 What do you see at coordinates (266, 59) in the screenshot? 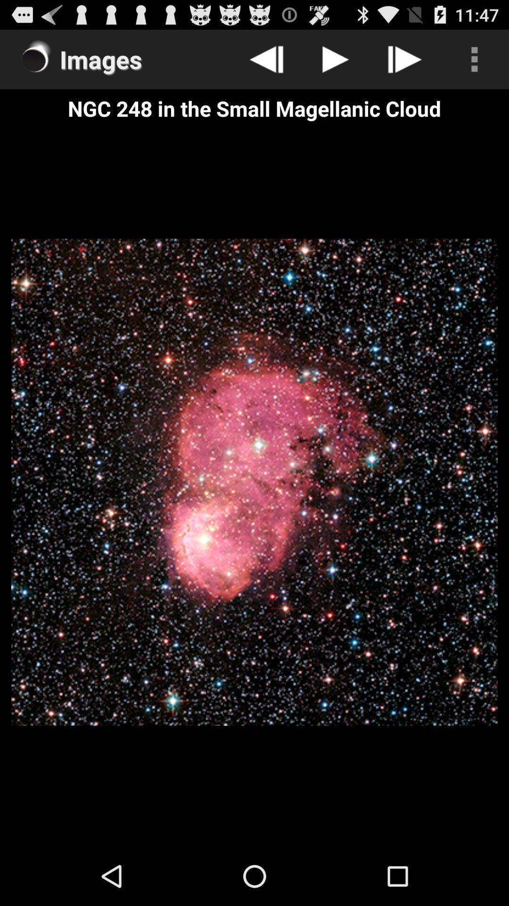
I see `go back` at bounding box center [266, 59].